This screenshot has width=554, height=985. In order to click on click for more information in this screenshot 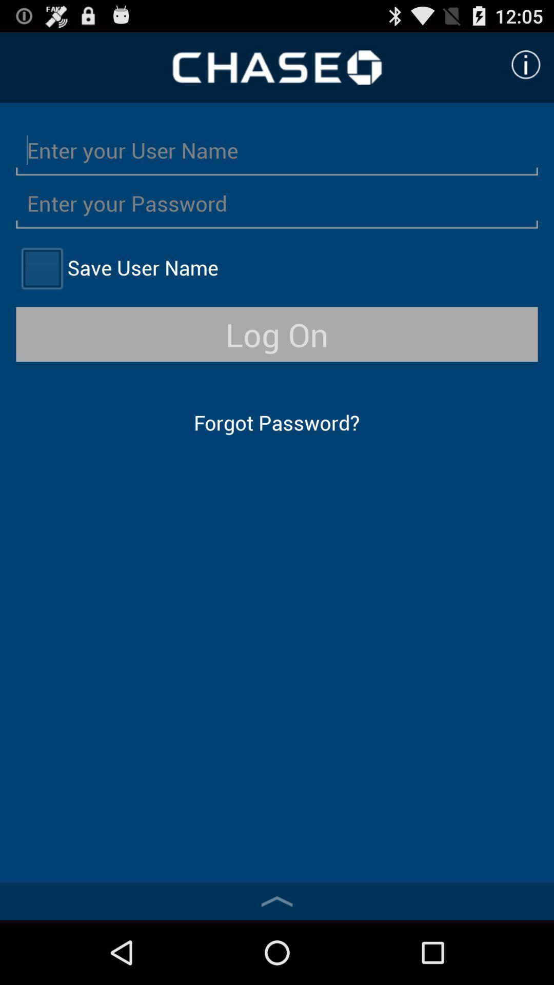, I will do `click(526, 64)`.